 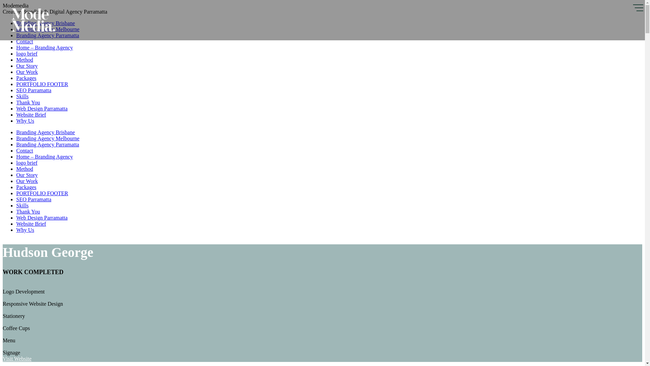 I want to click on 'Branding Agency Melbourne', so click(x=47, y=29).